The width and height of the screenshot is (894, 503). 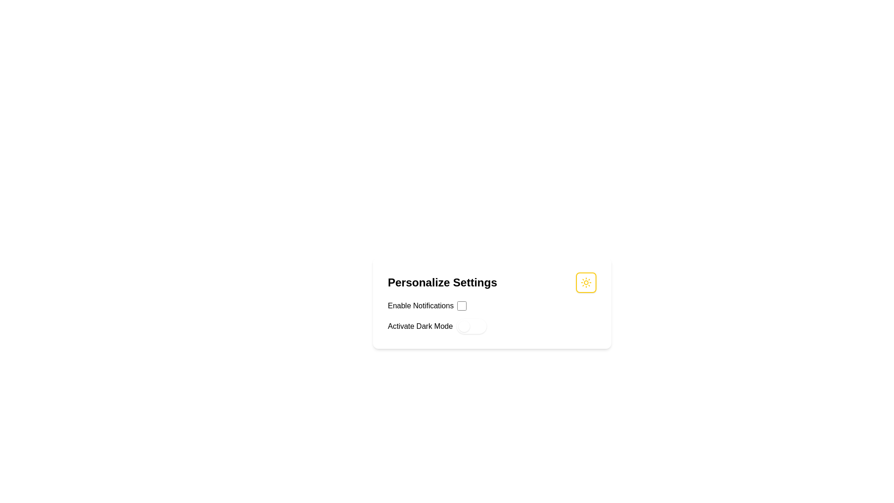 I want to click on the interactive button with an icon located in the top-right corner of the 'Personalize Settings' section, so click(x=585, y=282).